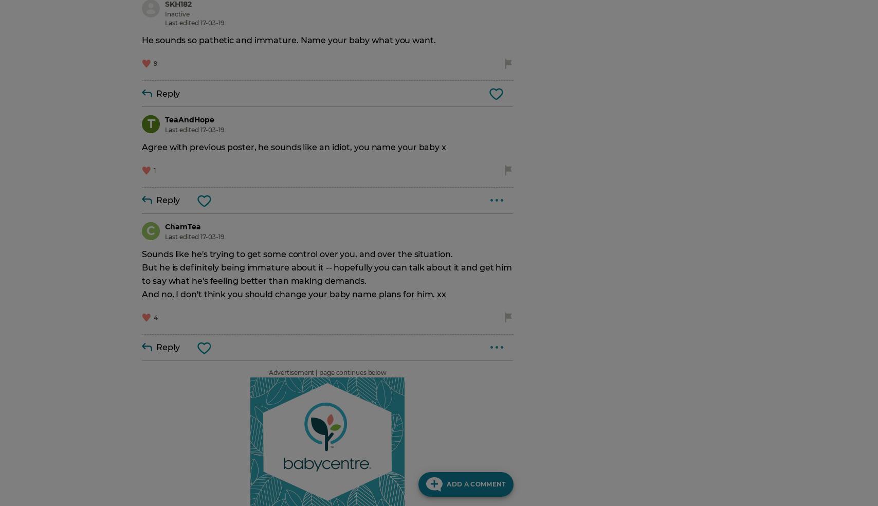  What do you see at coordinates (155, 317) in the screenshot?
I see `'4'` at bounding box center [155, 317].